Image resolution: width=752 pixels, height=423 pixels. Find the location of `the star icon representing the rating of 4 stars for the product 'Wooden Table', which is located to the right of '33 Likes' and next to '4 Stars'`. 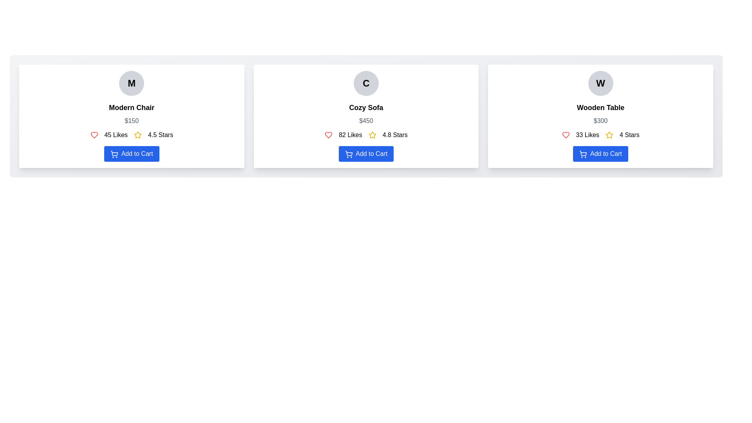

the star icon representing the rating of 4 stars for the product 'Wooden Table', which is located to the right of '33 Likes' and next to '4 Stars' is located at coordinates (609, 134).